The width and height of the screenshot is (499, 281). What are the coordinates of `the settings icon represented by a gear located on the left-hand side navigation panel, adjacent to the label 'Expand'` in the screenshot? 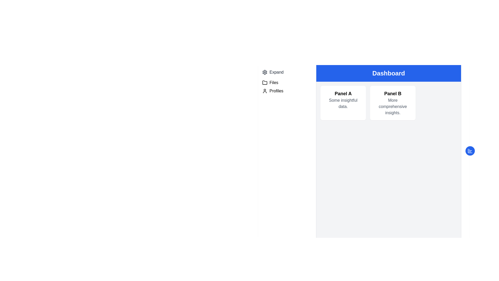 It's located at (265, 72).